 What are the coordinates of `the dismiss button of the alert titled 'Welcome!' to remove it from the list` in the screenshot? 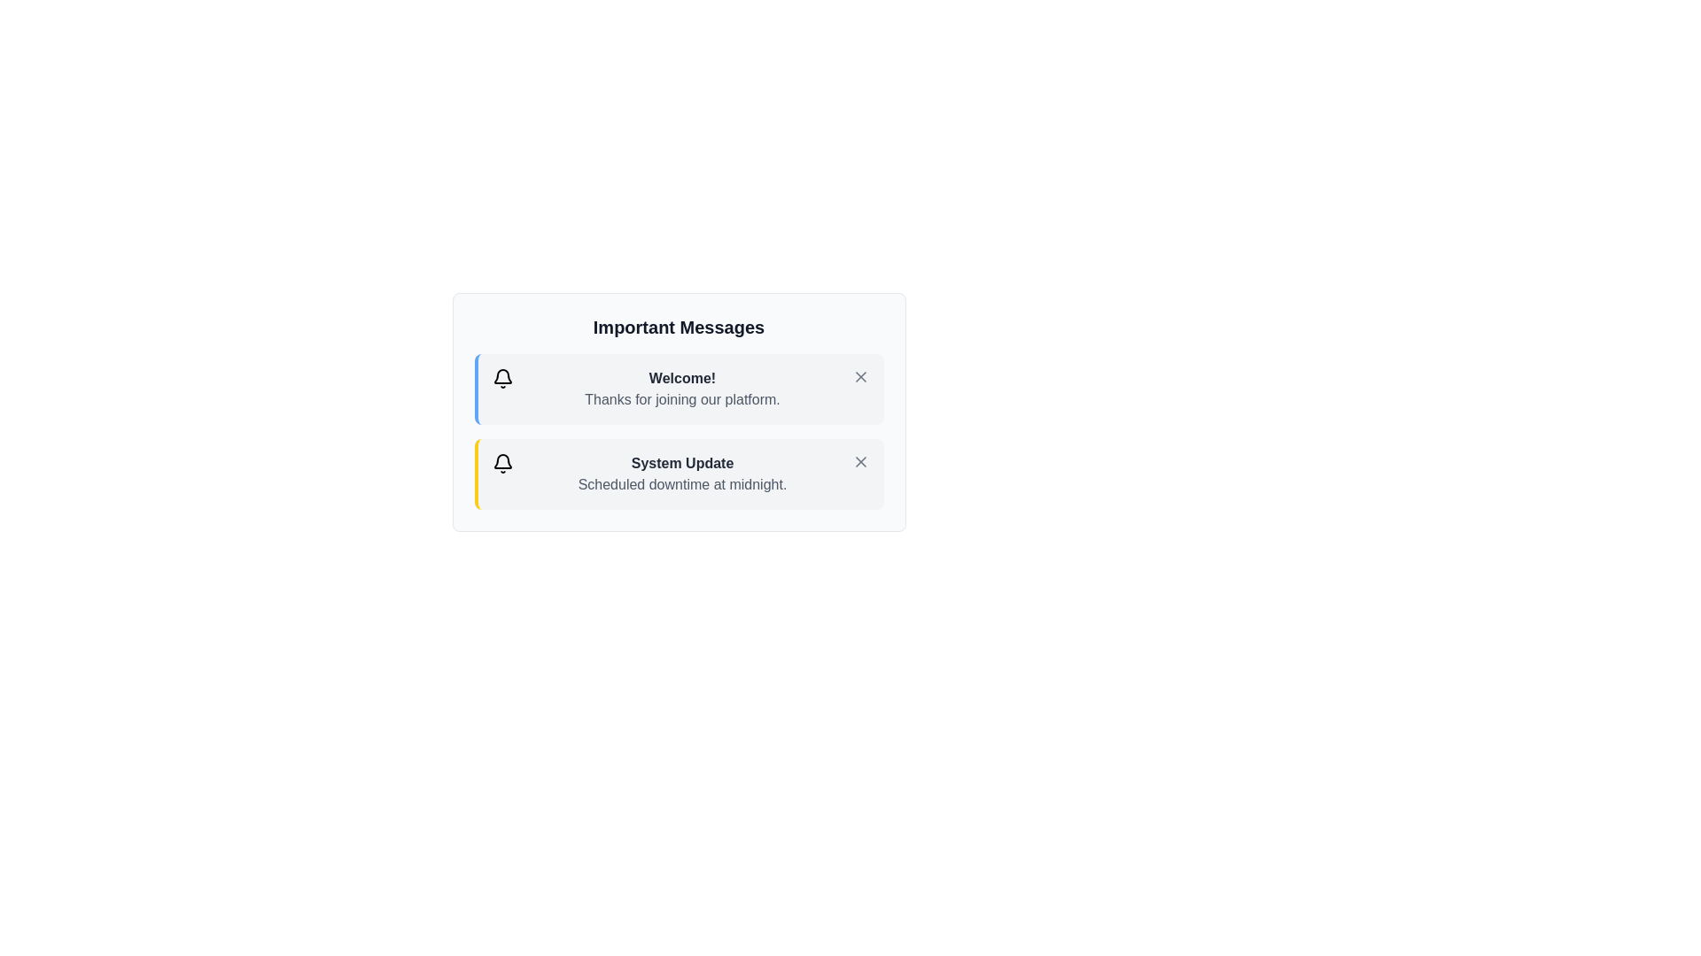 It's located at (860, 375).